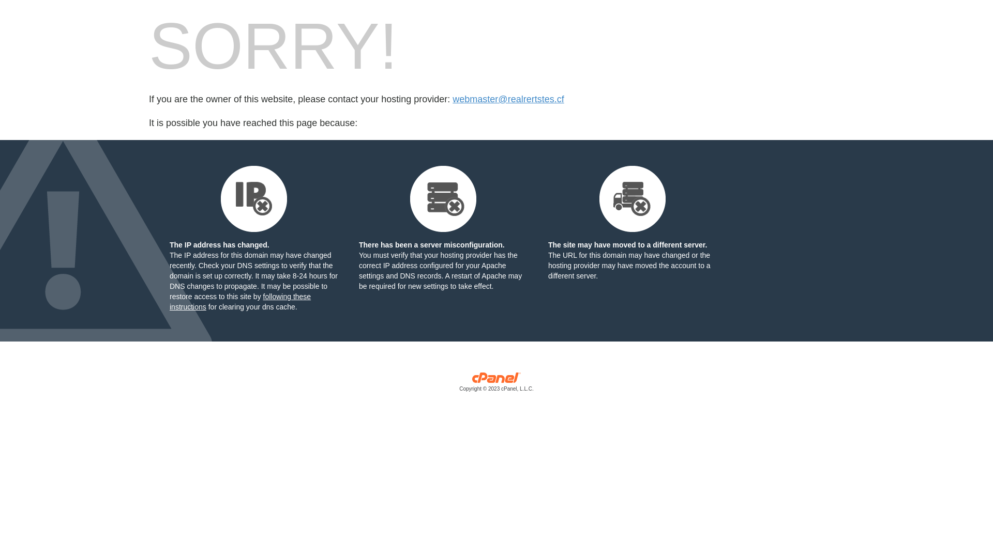  What do you see at coordinates (239, 301) in the screenshot?
I see `'following these instructions'` at bounding box center [239, 301].